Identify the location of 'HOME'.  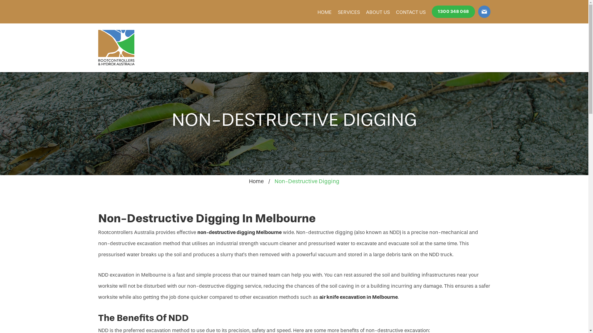
(324, 12).